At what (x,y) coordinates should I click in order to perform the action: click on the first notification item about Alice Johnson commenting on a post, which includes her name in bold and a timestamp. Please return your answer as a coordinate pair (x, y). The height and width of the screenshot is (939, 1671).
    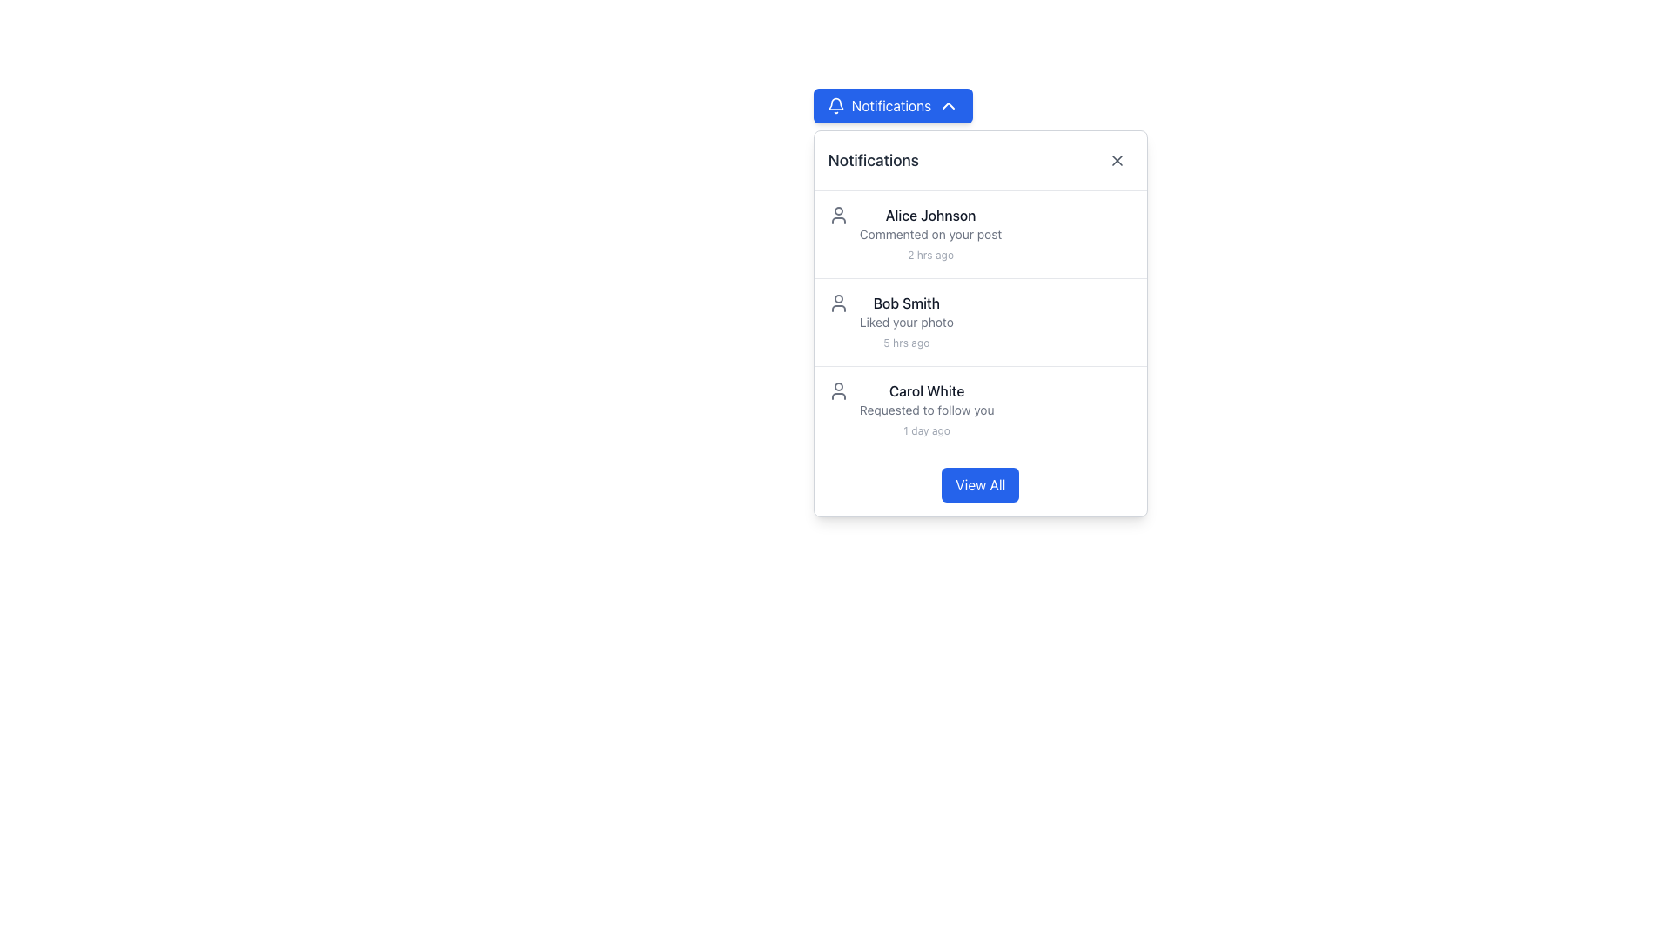
    Looking at the image, I should click on (980, 235).